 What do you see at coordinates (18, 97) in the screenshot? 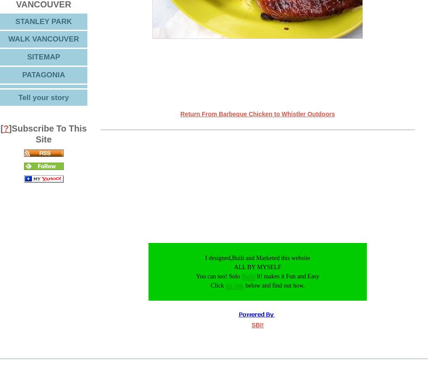
I see `'Tell your story'` at bounding box center [18, 97].